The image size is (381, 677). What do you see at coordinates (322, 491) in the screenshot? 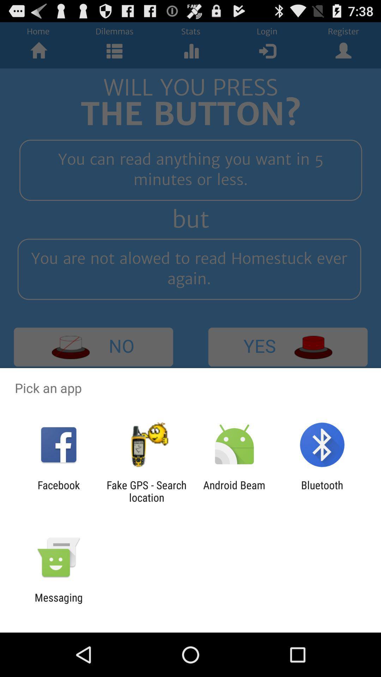
I see `bluetooth icon` at bounding box center [322, 491].